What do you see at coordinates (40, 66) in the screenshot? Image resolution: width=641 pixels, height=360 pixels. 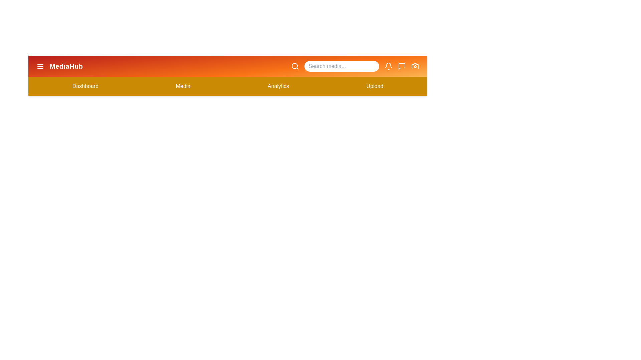 I see `the menu button to toggle the menu visibility` at bounding box center [40, 66].